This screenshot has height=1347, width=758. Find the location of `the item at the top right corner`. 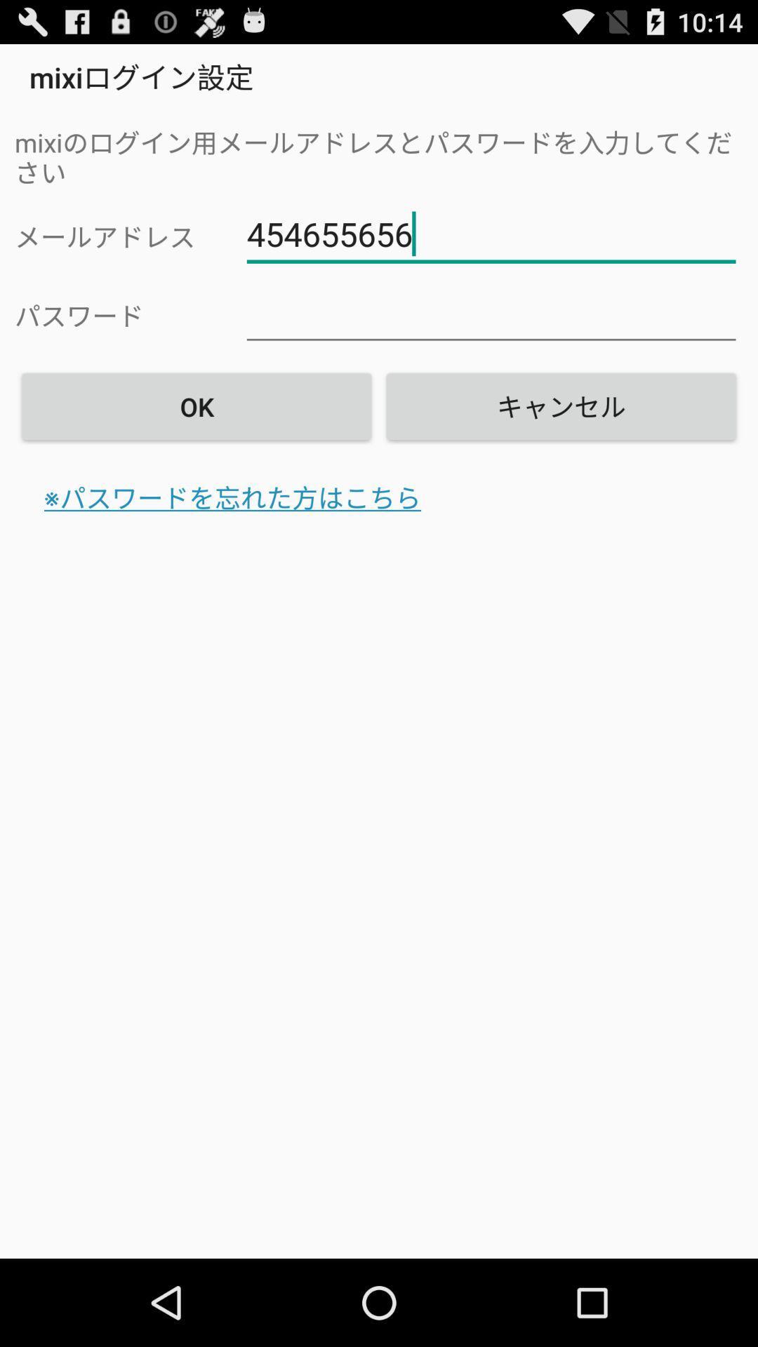

the item at the top right corner is located at coordinates (560, 406).